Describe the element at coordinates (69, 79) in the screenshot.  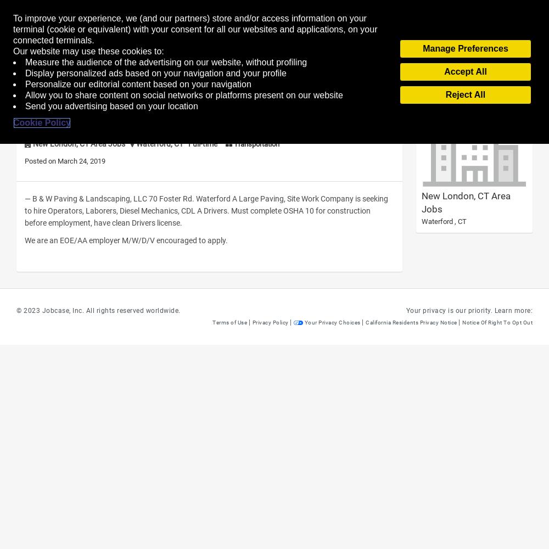
I see `'This job posting has expired.'` at that location.